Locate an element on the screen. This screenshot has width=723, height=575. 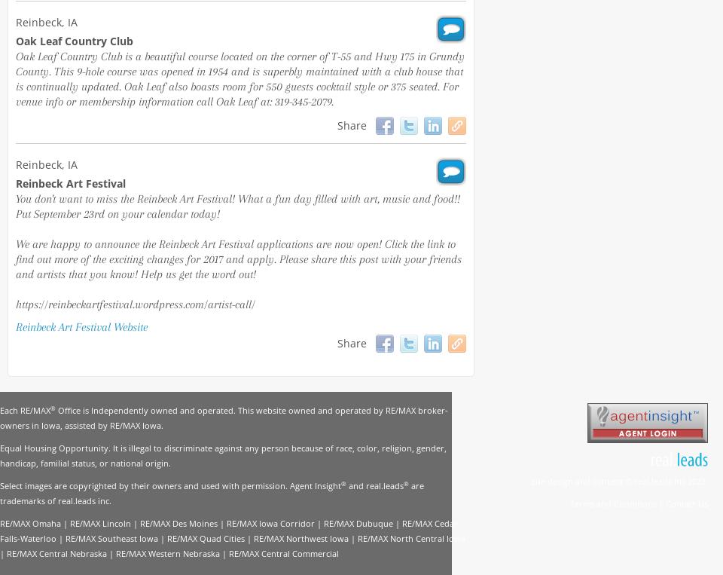
'RE/MAX North Central Iowa' is located at coordinates (411, 538).